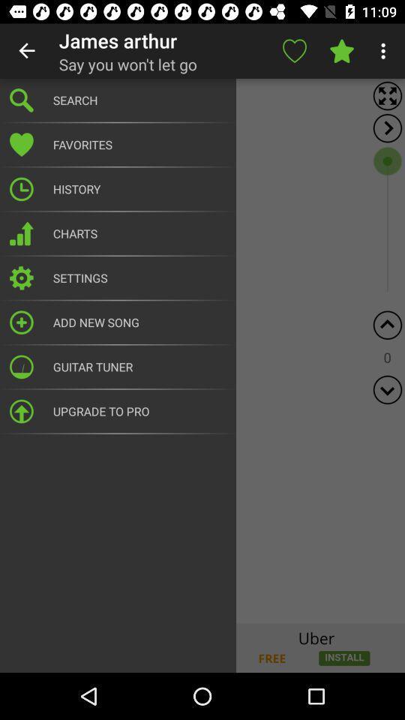 This screenshot has width=405, height=720. Describe the element at coordinates (202, 647) in the screenshot. I see `advertisement image link` at that location.